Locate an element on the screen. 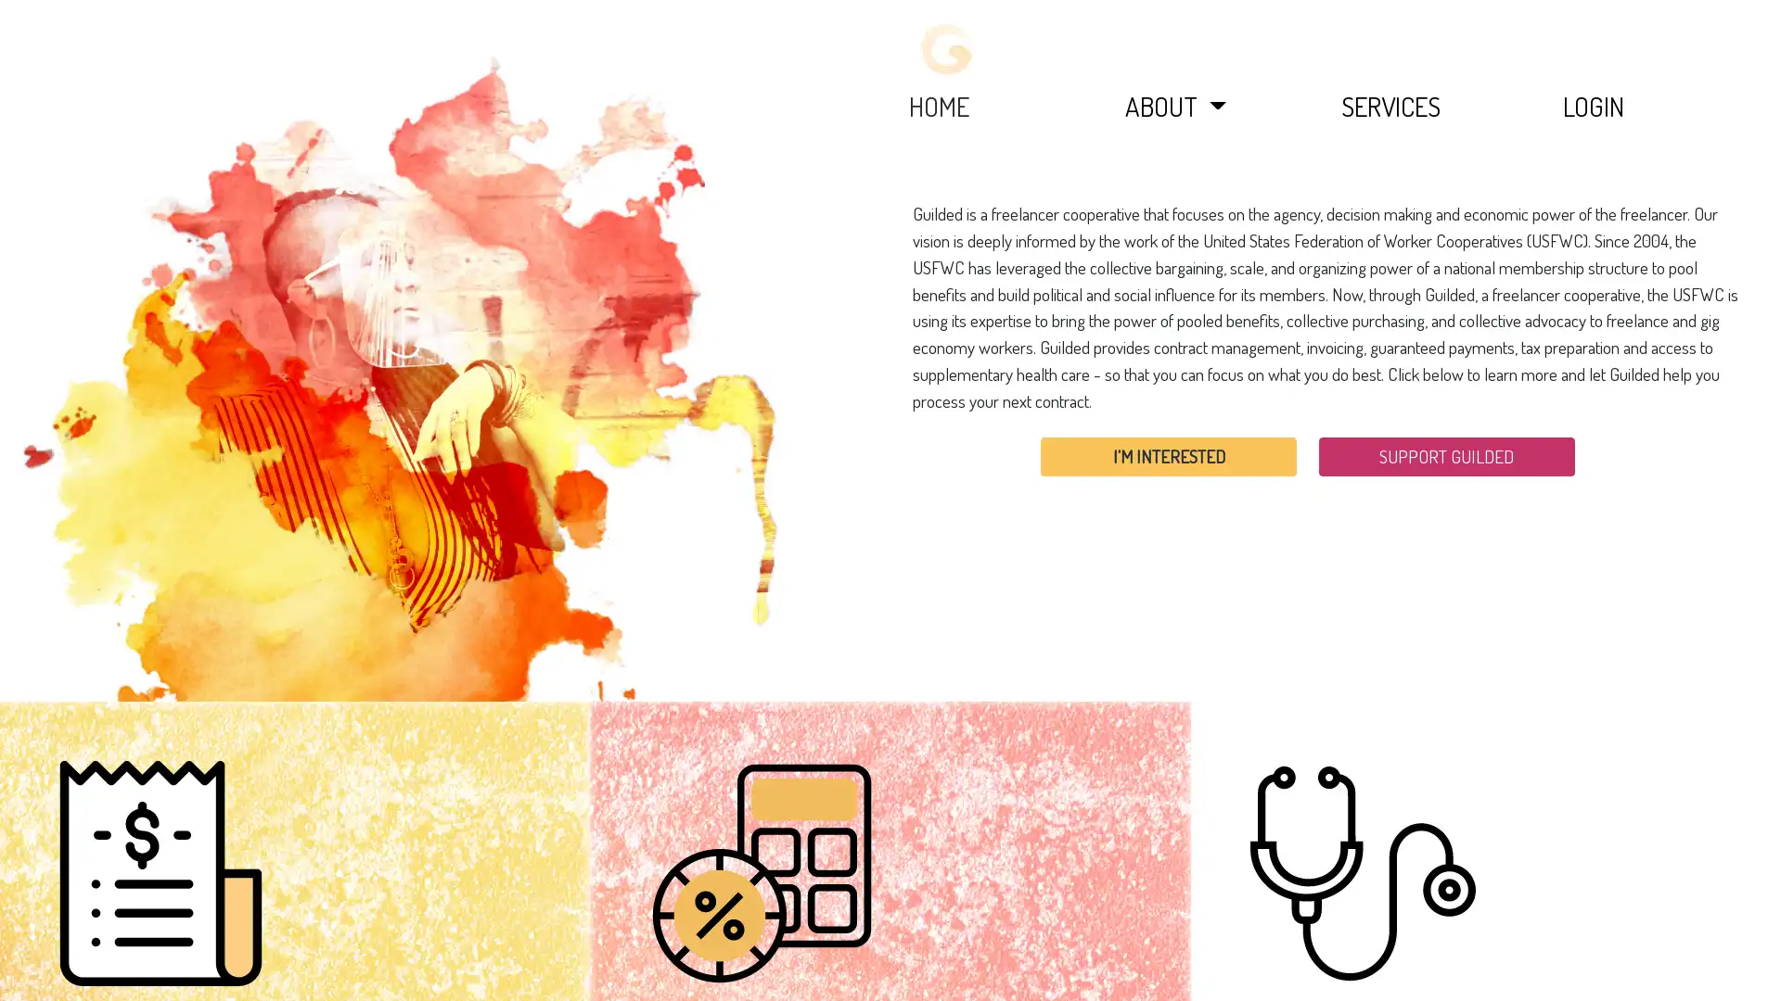 The height and width of the screenshot is (1001, 1781). I'M INTERESTED is located at coordinates (1167, 456).